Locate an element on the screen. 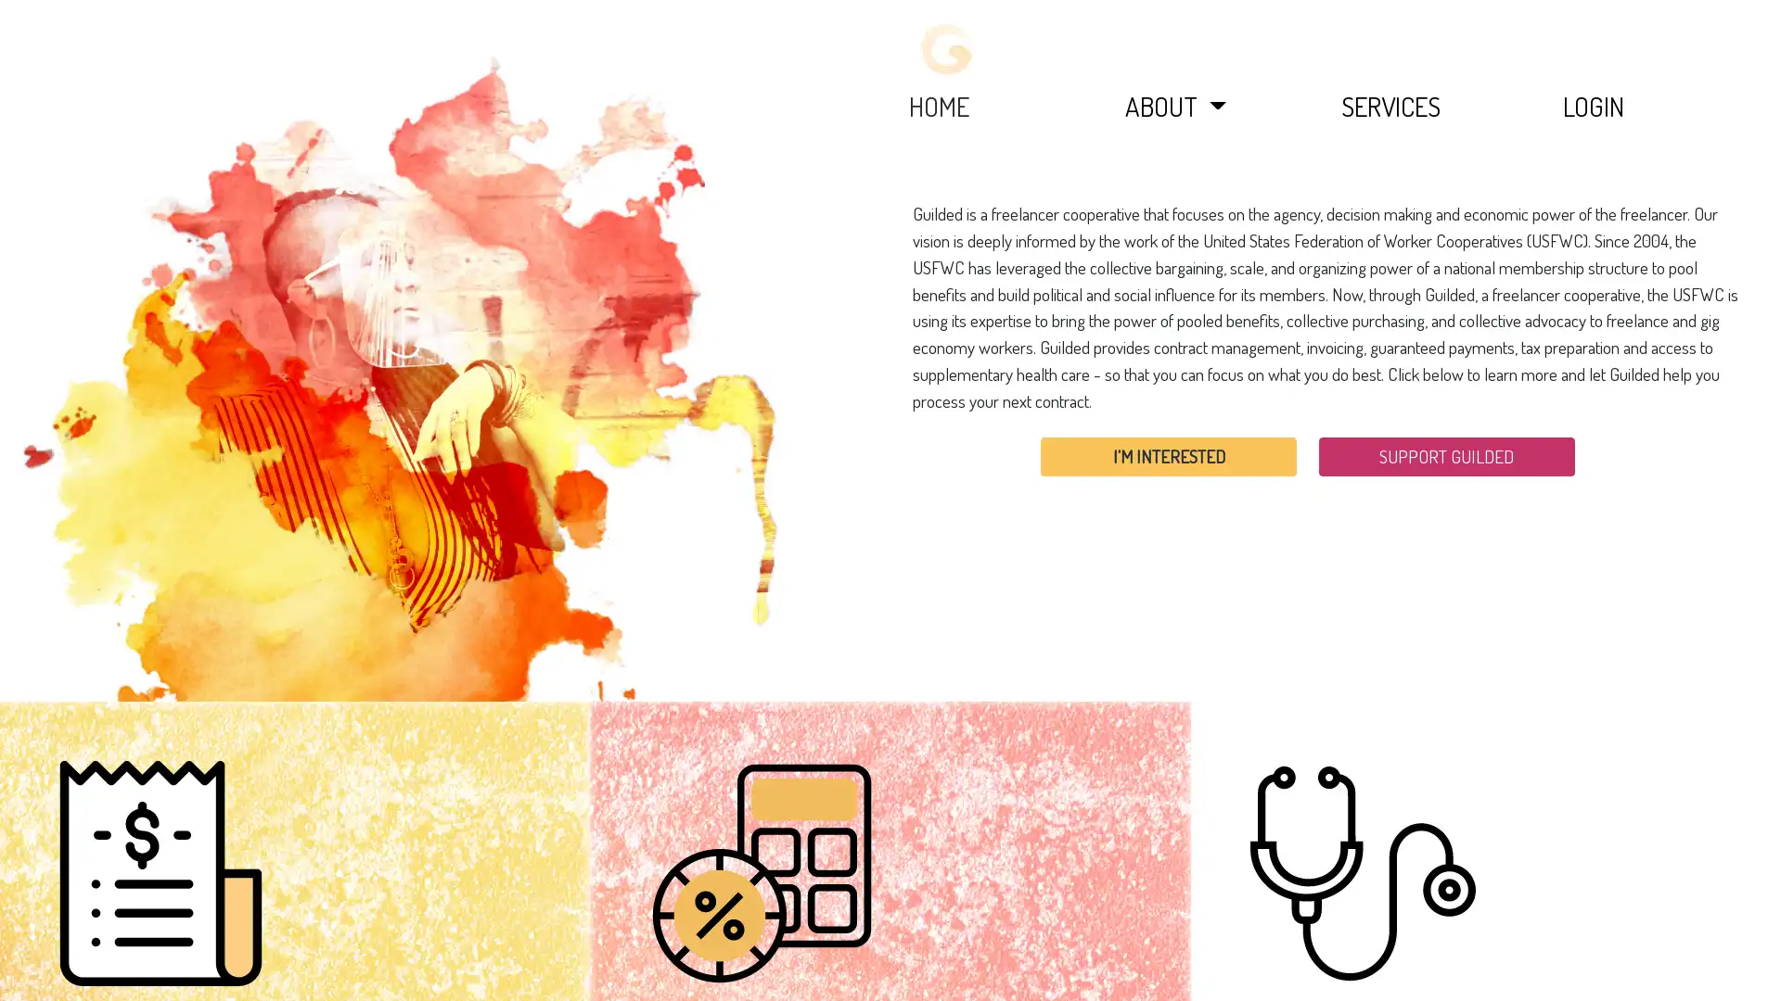 The height and width of the screenshot is (1001, 1781). I'M INTERESTED is located at coordinates (1167, 456).